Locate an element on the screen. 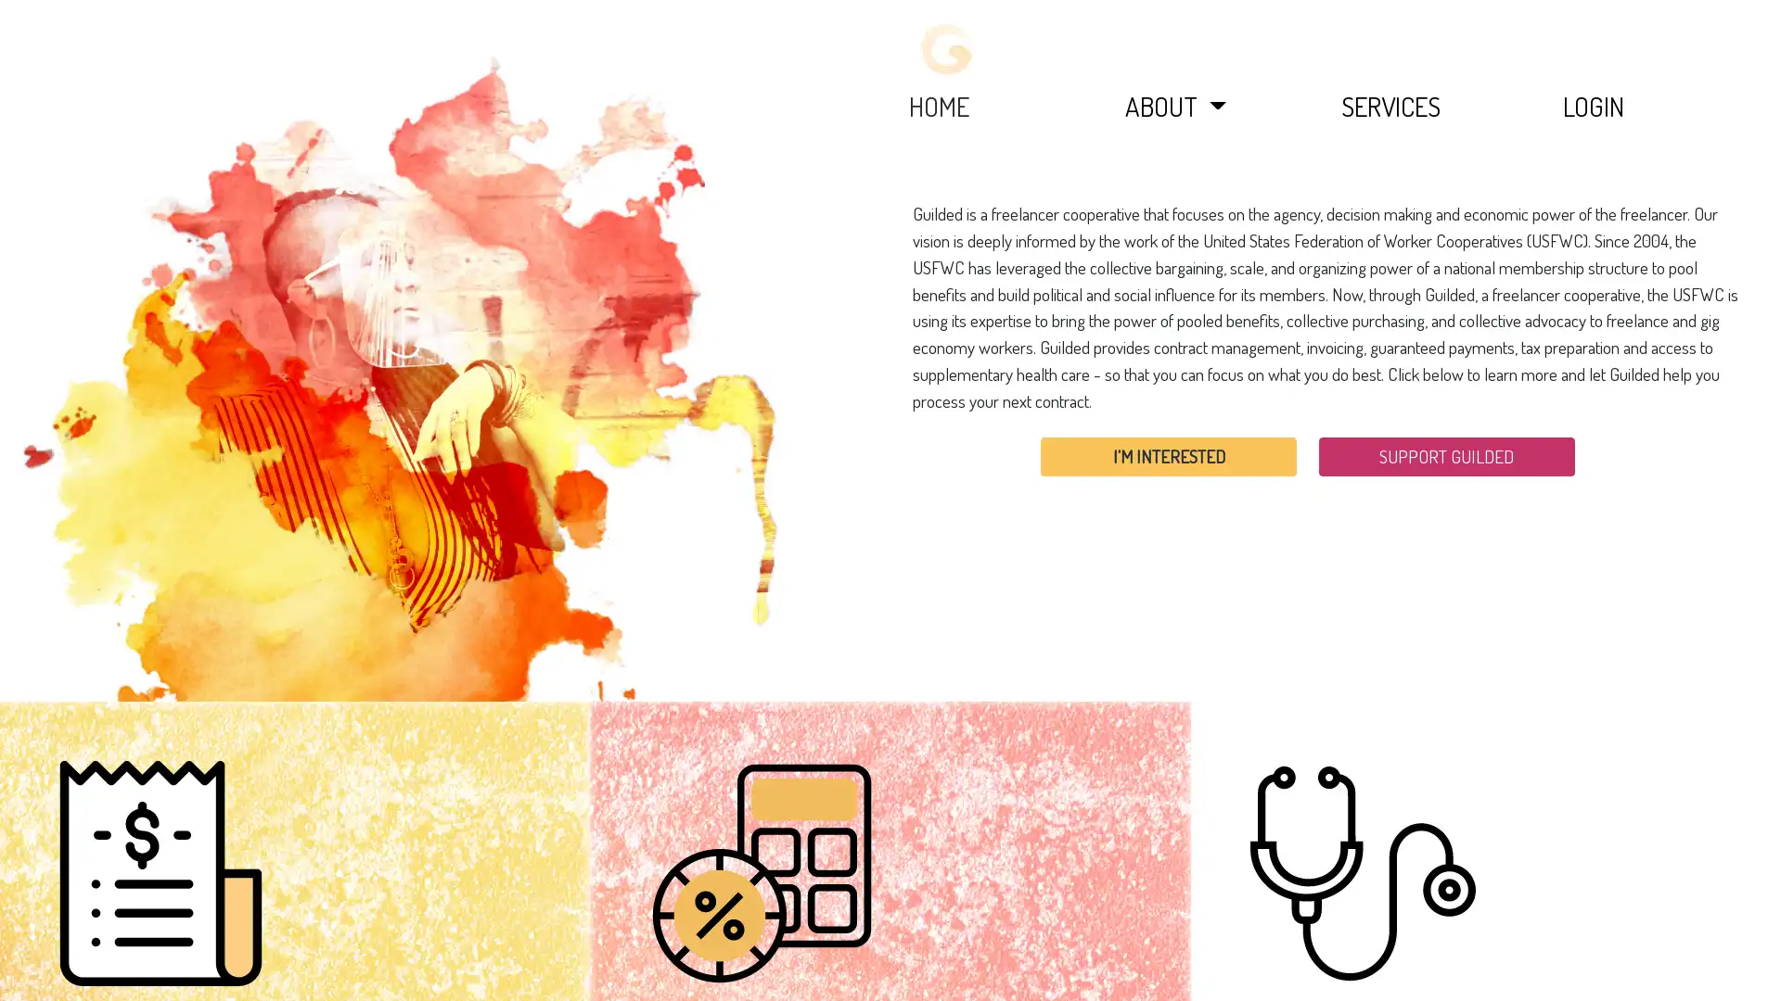 The height and width of the screenshot is (1001, 1781). I'M INTERESTED is located at coordinates (1167, 456).